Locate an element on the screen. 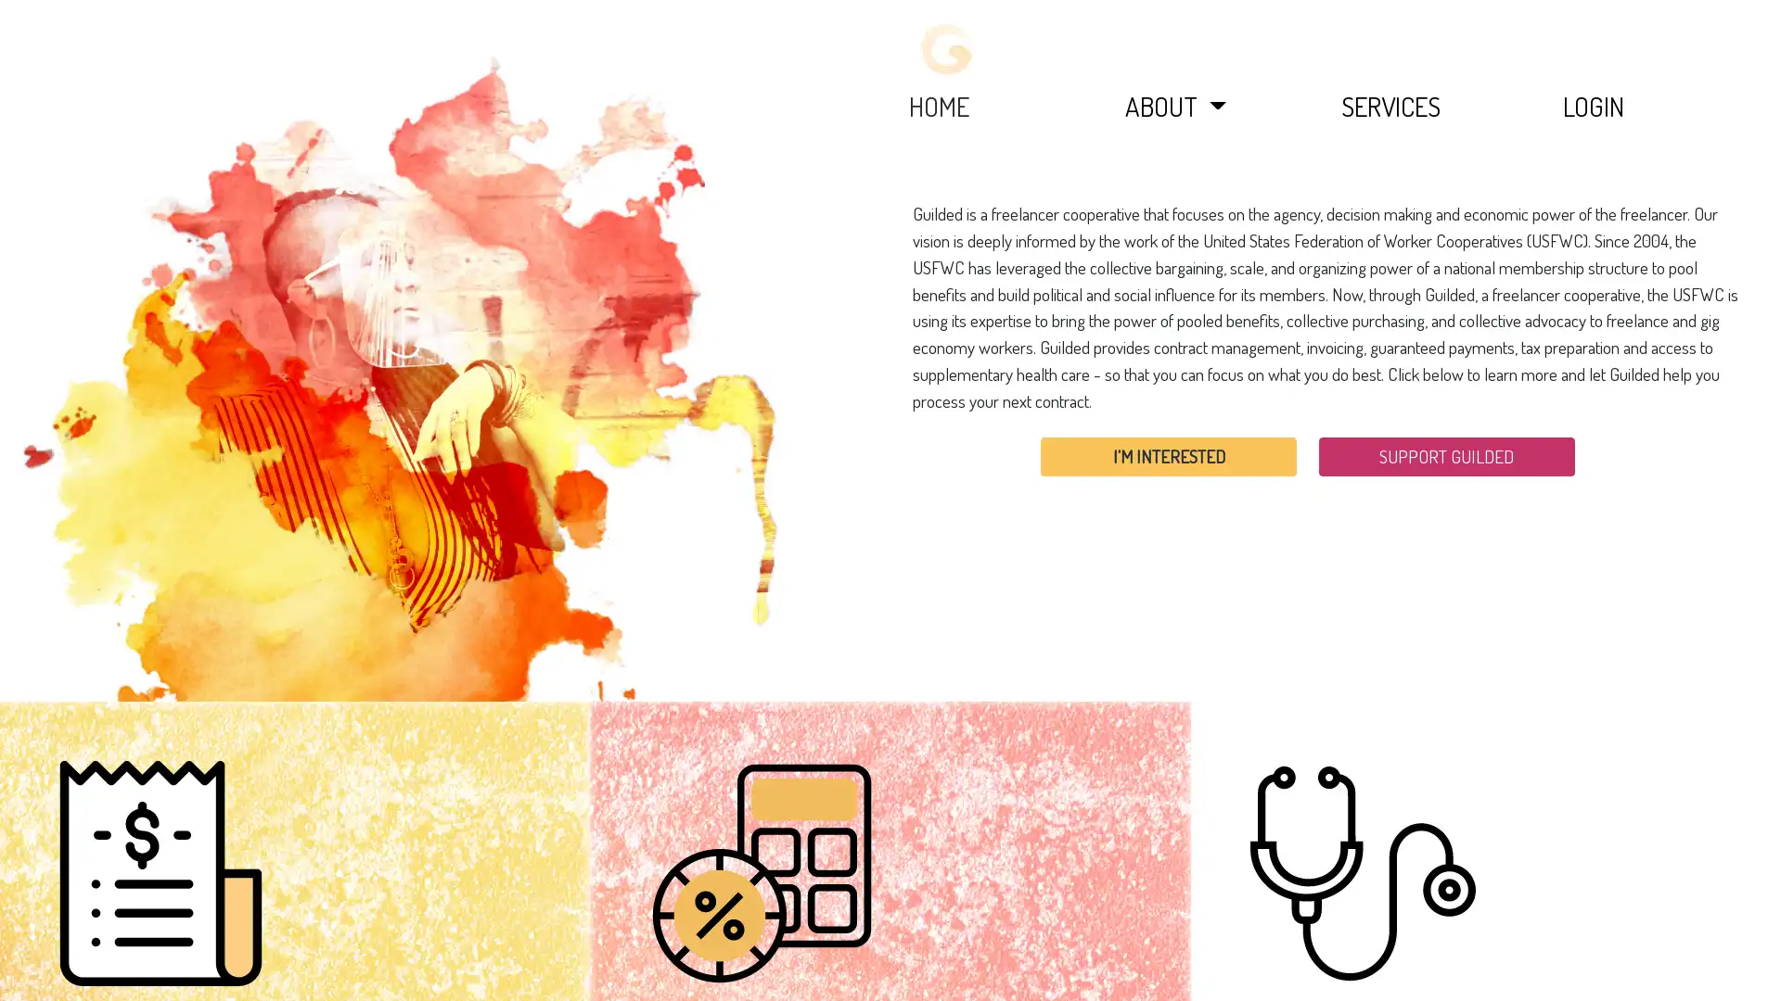 The height and width of the screenshot is (1001, 1781). I'M INTERESTED is located at coordinates (1167, 456).